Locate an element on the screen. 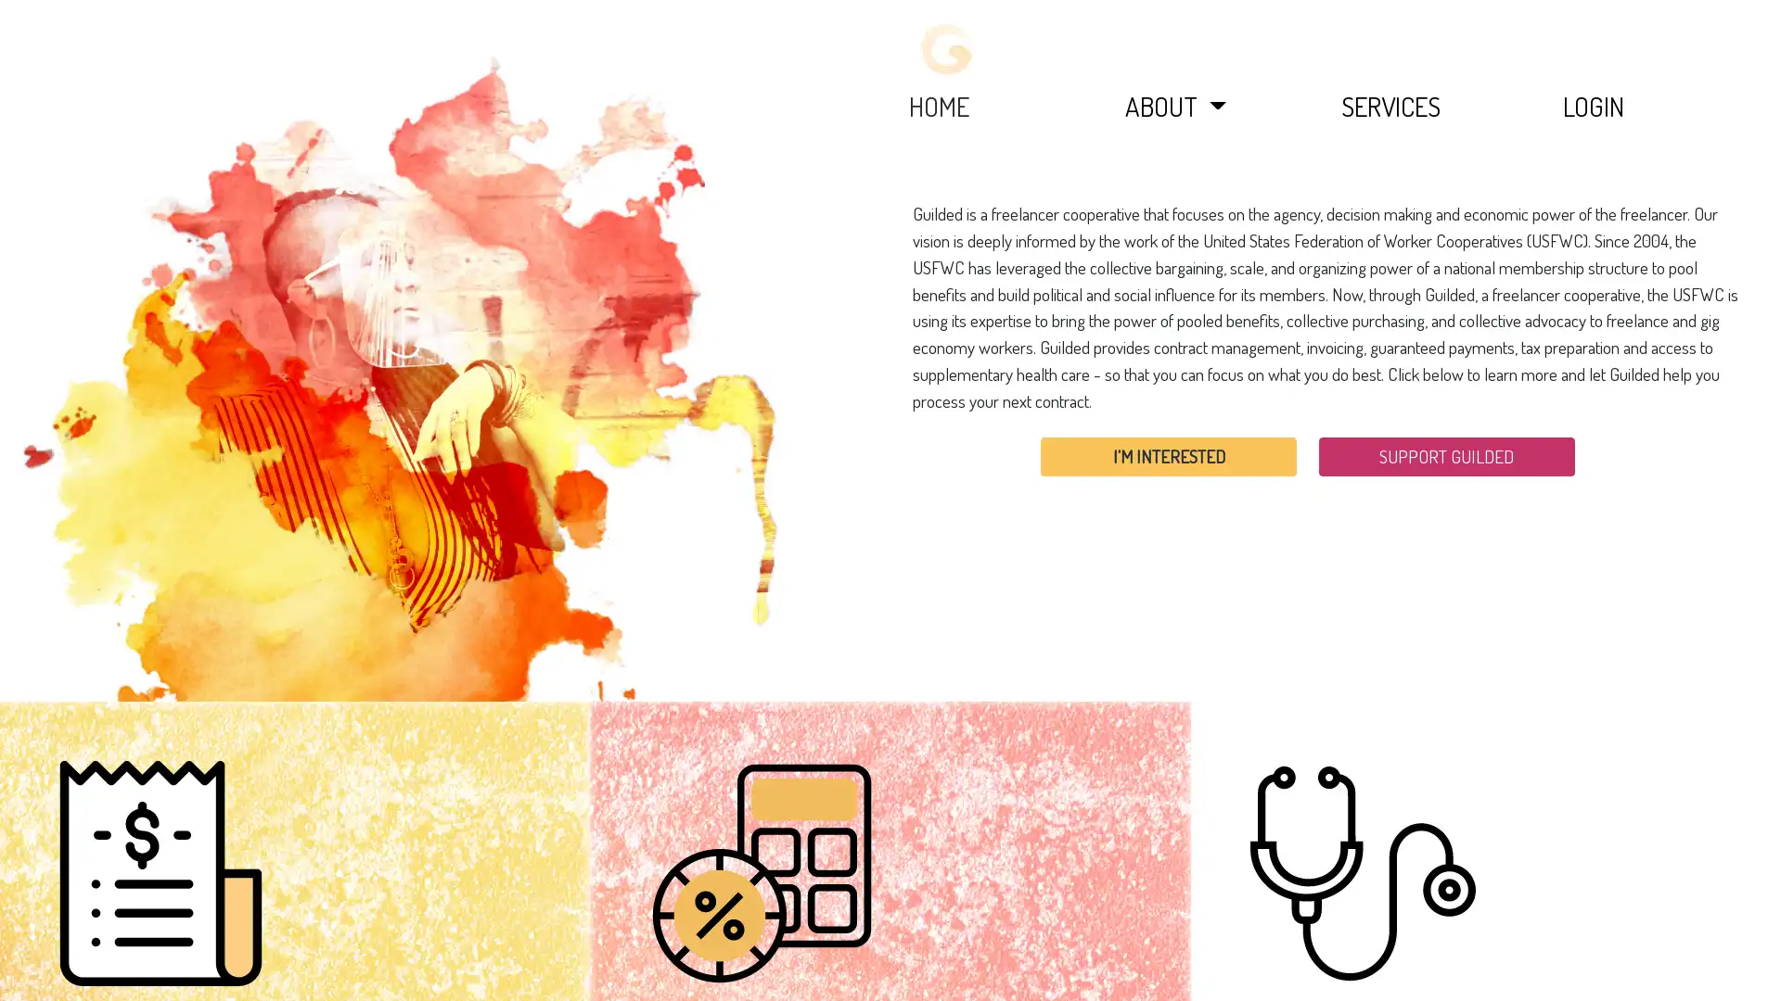 The height and width of the screenshot is (1001, 1781). I'M INTERESTED is located at coordinates (1167, 456).